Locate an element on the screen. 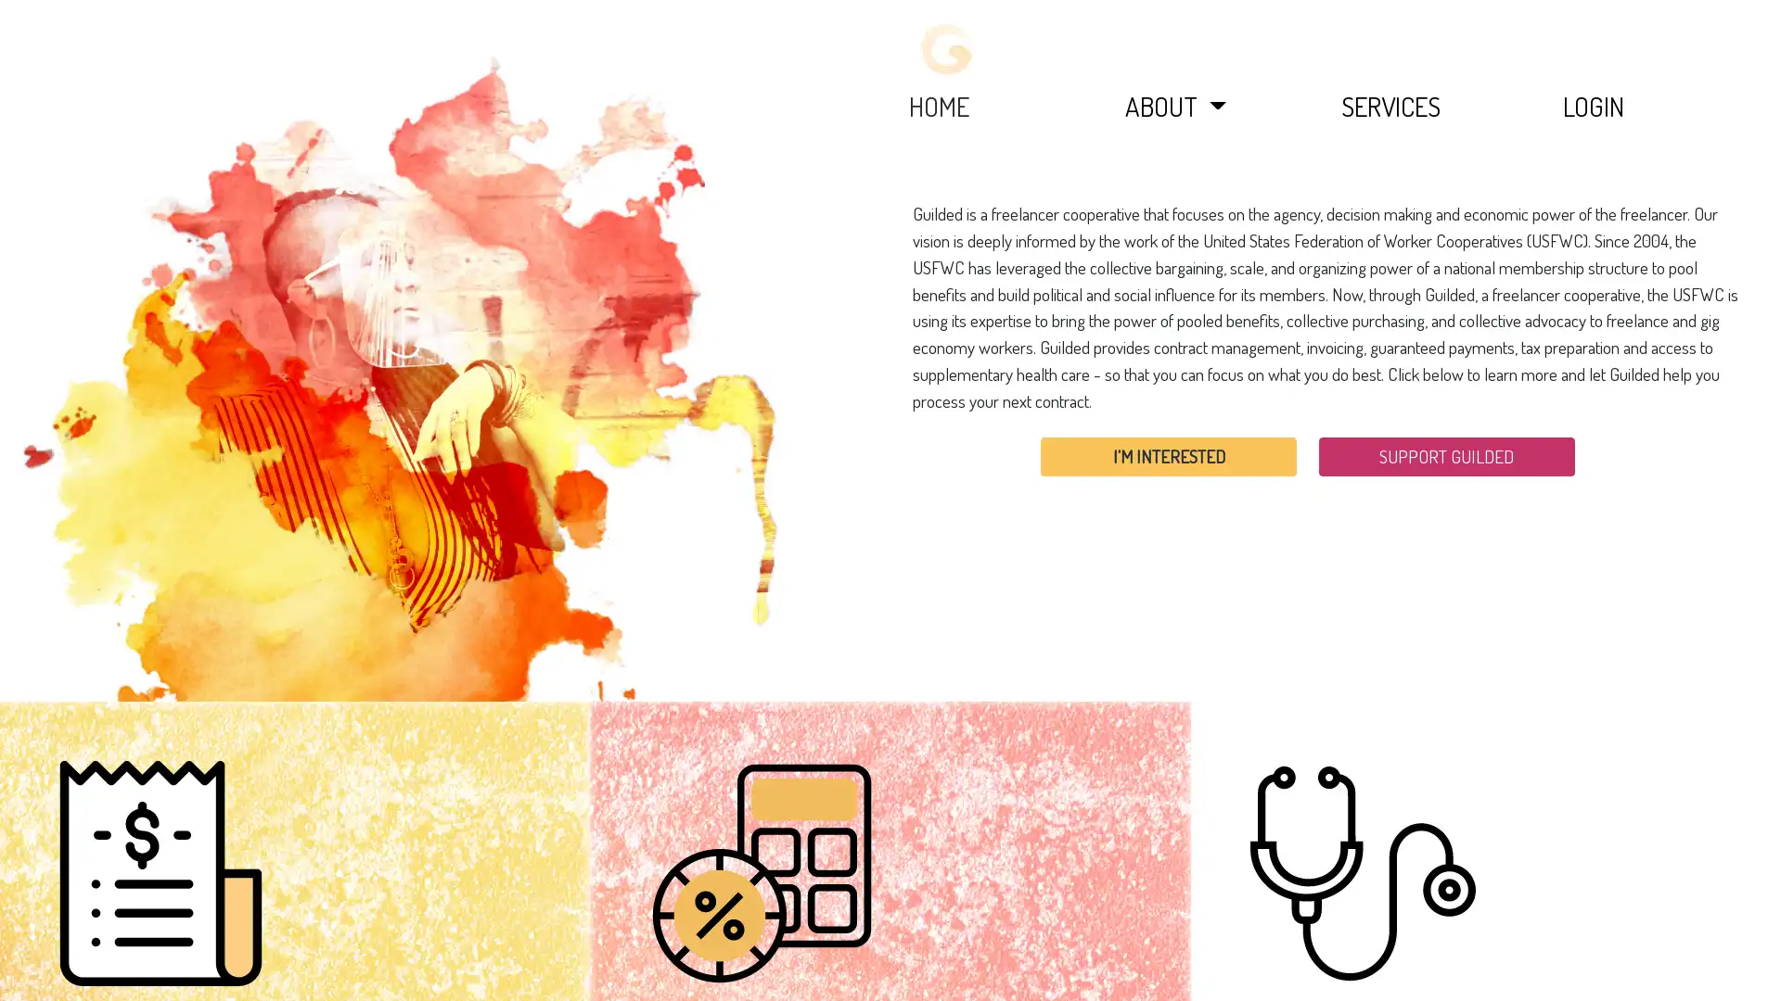 The height and width of the screenshot is (1001, 1781). I'M INTERESTED is located at coordinates (1167, 456).